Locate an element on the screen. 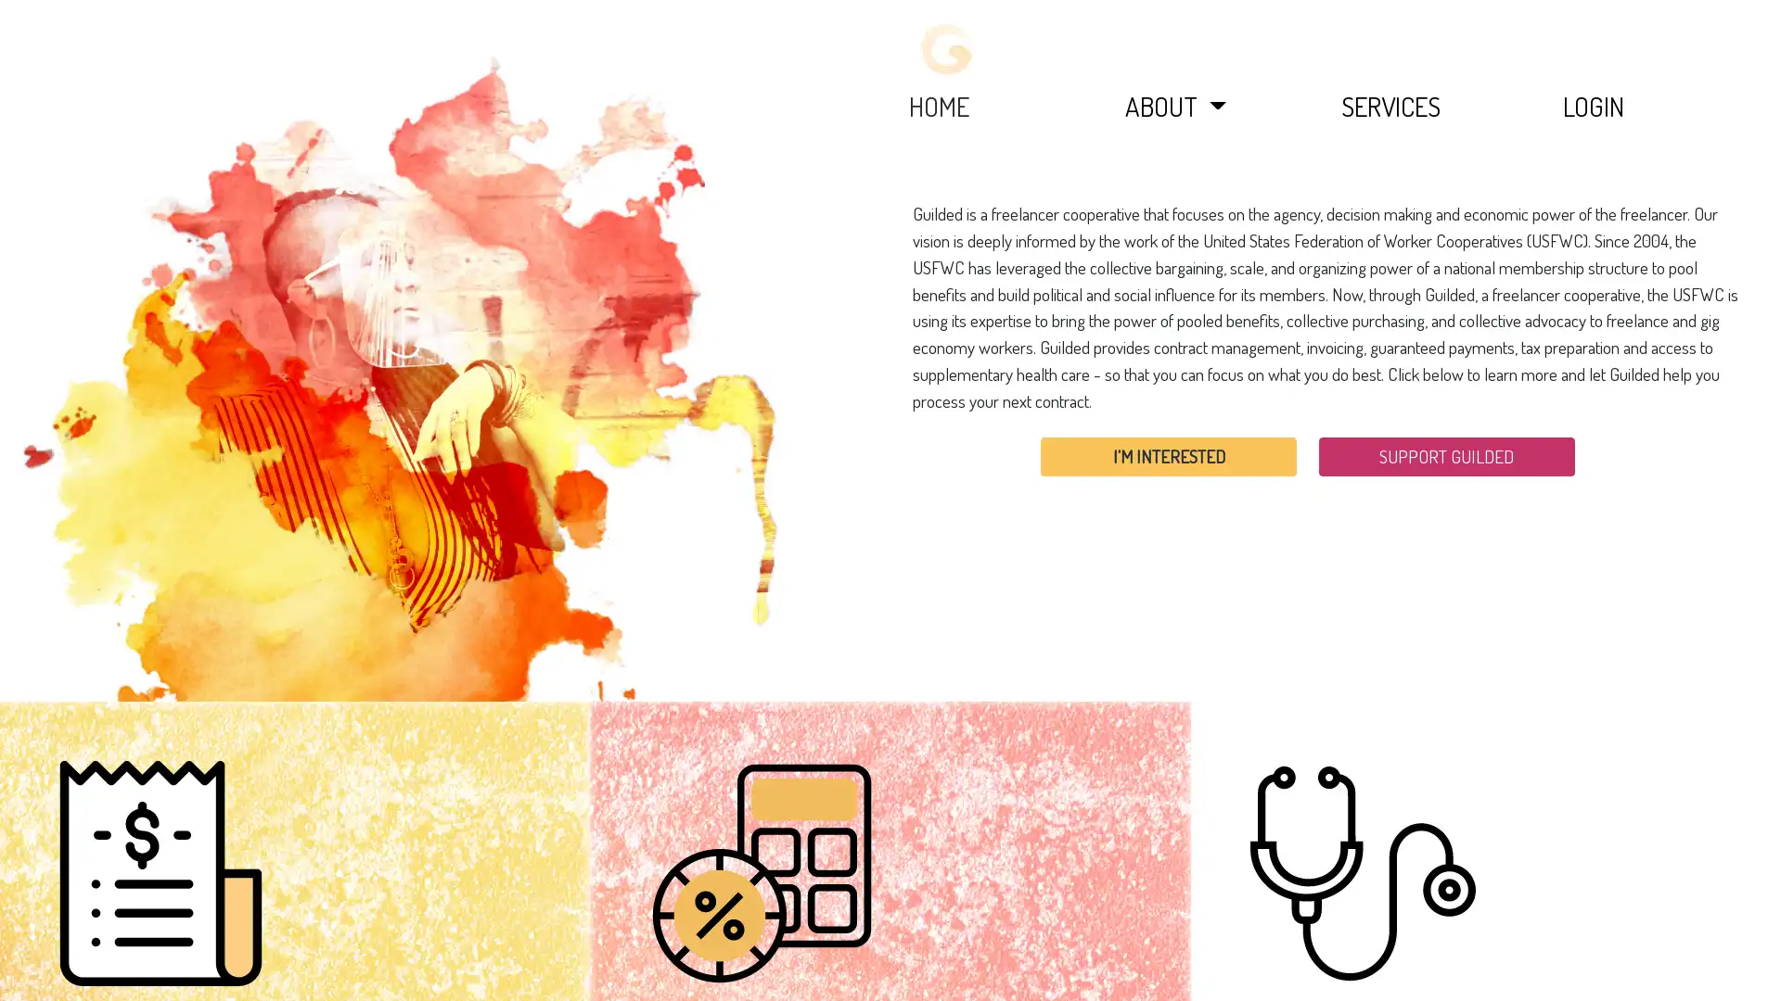 The height and width of the screenshot is (1001, 1781). I'M INTERESTED is located at coordinates (1167, 456).